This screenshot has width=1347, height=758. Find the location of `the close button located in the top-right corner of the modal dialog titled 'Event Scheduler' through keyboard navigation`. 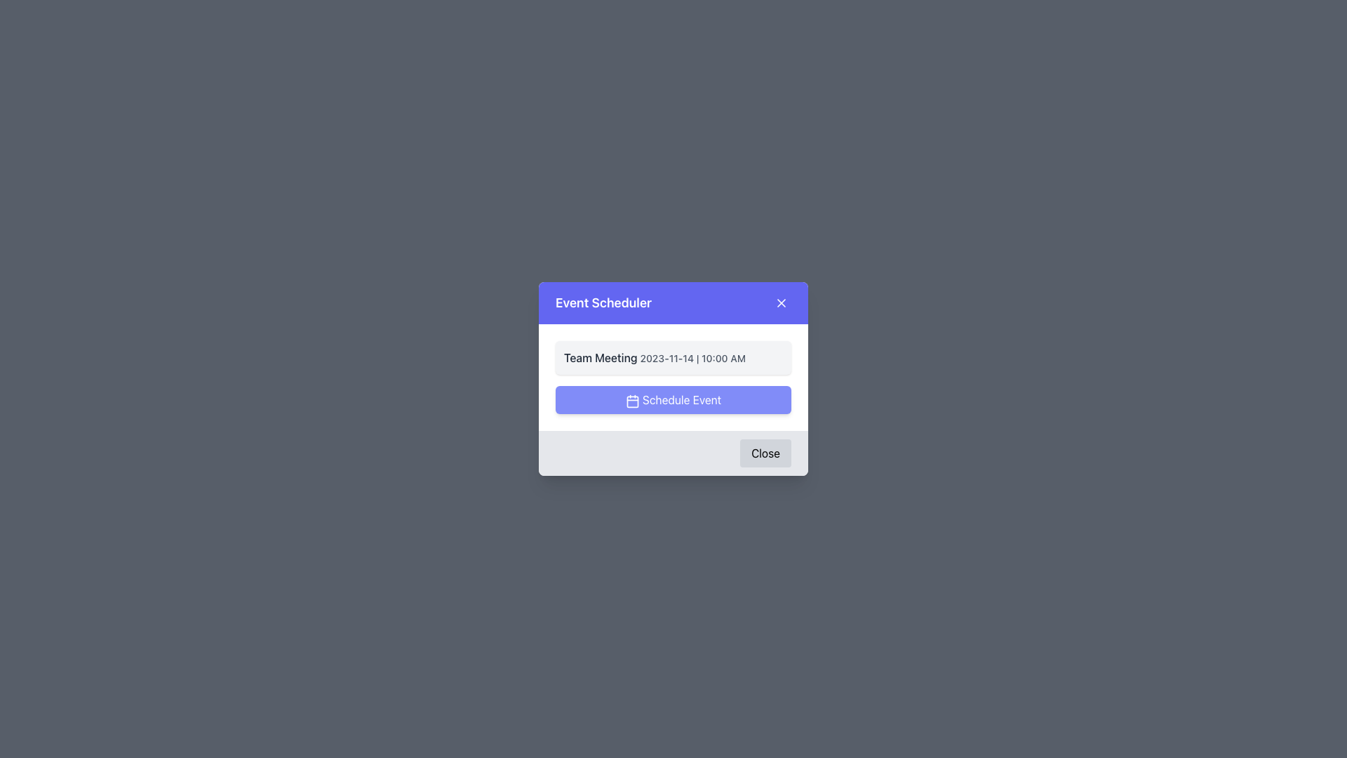

the close button located in the top-right corner of the modal dialog titled 'Event Scheduler' through keyboard navigation is located at coordinates (780, 302).